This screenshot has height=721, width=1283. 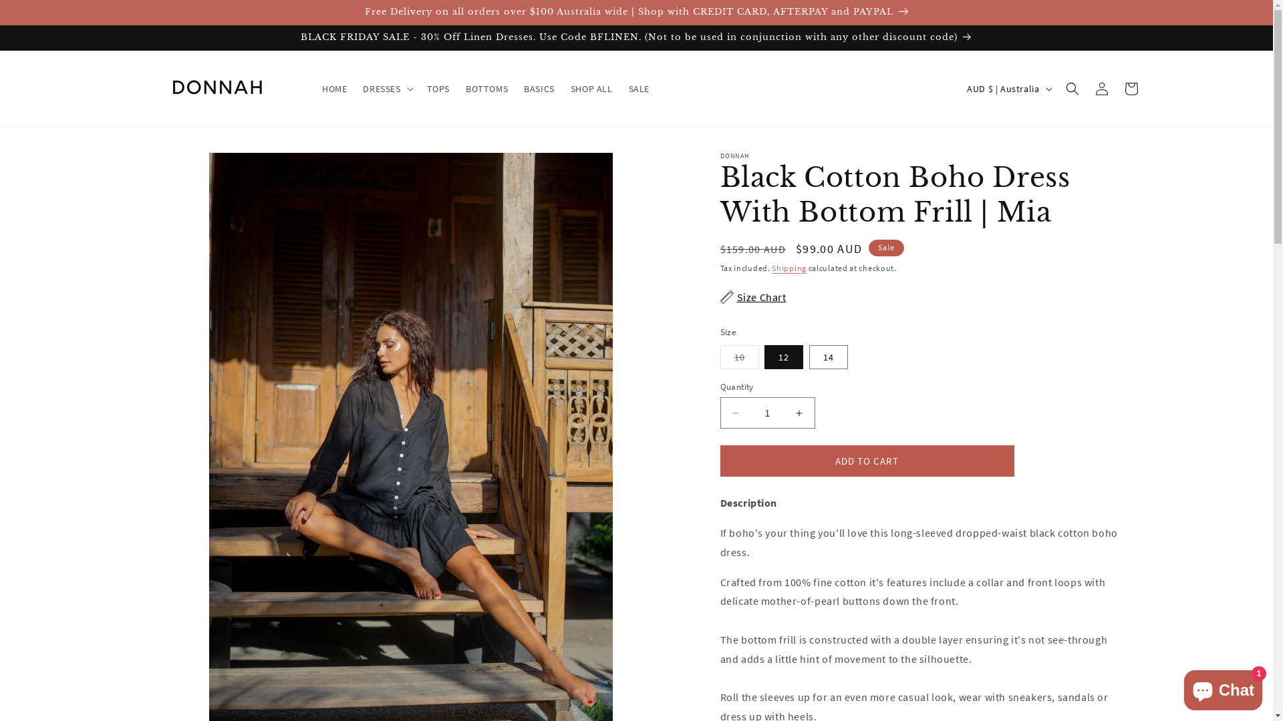 What do you see at coordinates (313, 88) in the screenshot?
I see `'HOME'` at bounding box center [313, 88].